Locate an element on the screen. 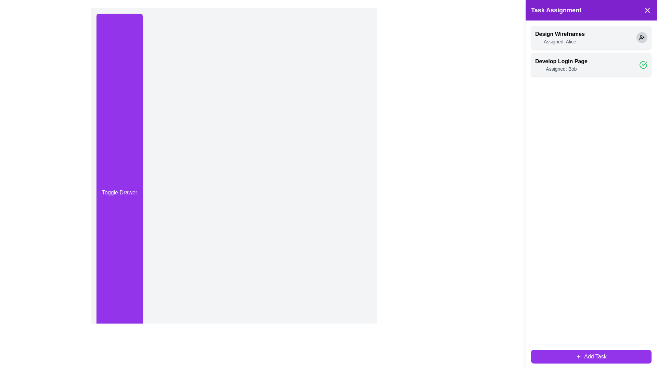 This screenshot has height=369, width=657. the interactive button located to the far-right of the 'Design Wireframes' title and adjacent to the 'Assigned: Alice' subtext is located at coordinates (642, 38).